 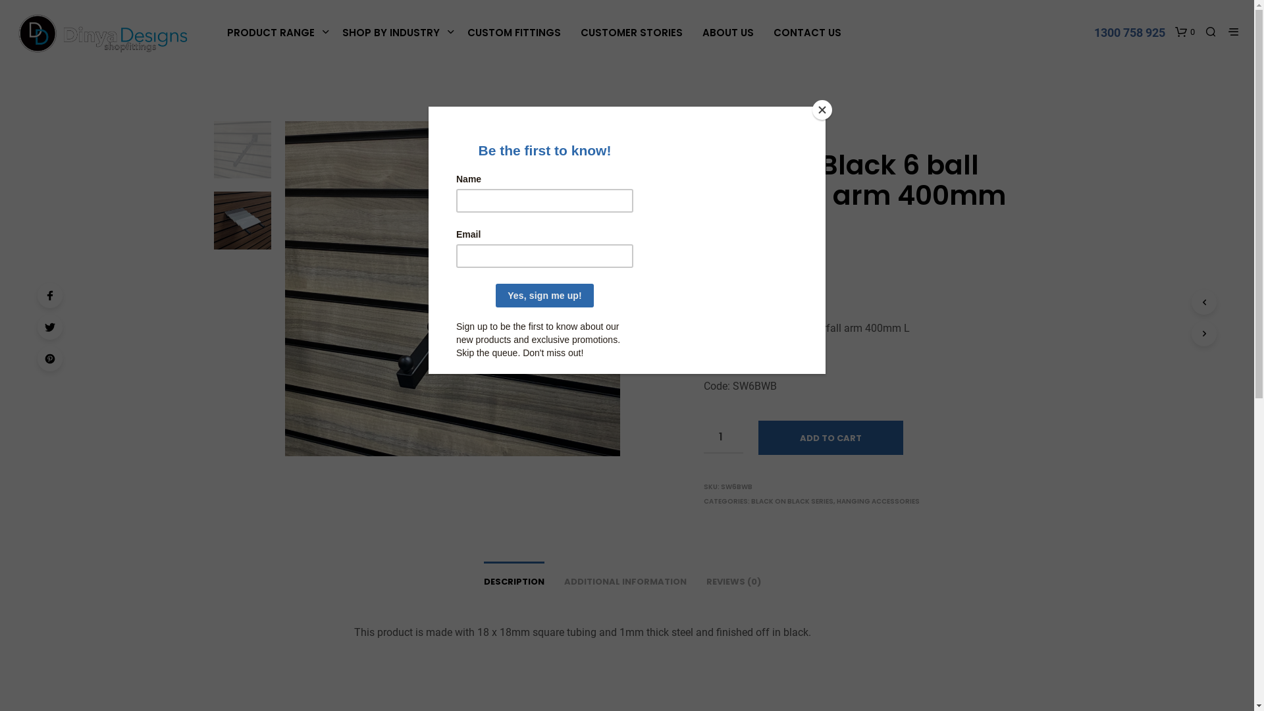 What do you see at coordinates (38, 327) in the screenshot?
I see `'Twitter'` at bounding box center [38, 327].